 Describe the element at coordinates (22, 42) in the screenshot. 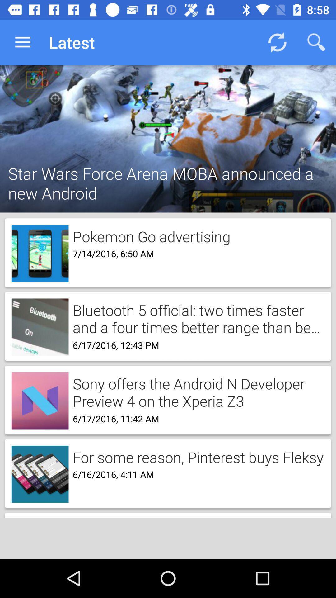

I see `the icon next to the latest icon` at that location.